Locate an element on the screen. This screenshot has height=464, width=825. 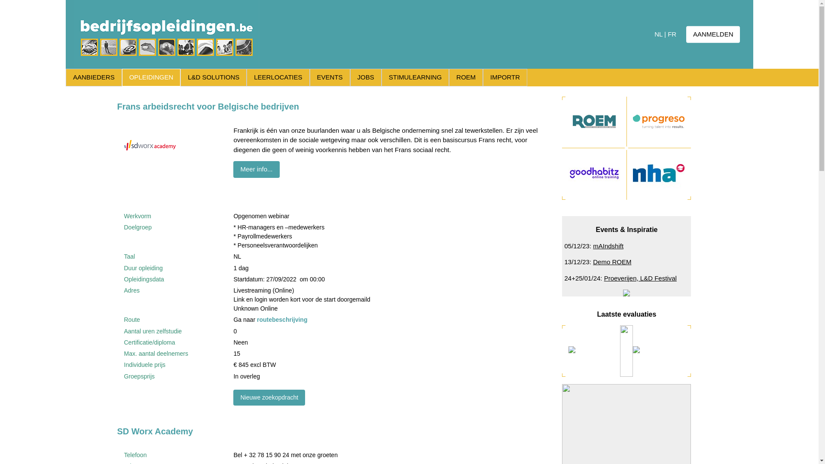
'JOBS' is located at coordinates (365, 77).